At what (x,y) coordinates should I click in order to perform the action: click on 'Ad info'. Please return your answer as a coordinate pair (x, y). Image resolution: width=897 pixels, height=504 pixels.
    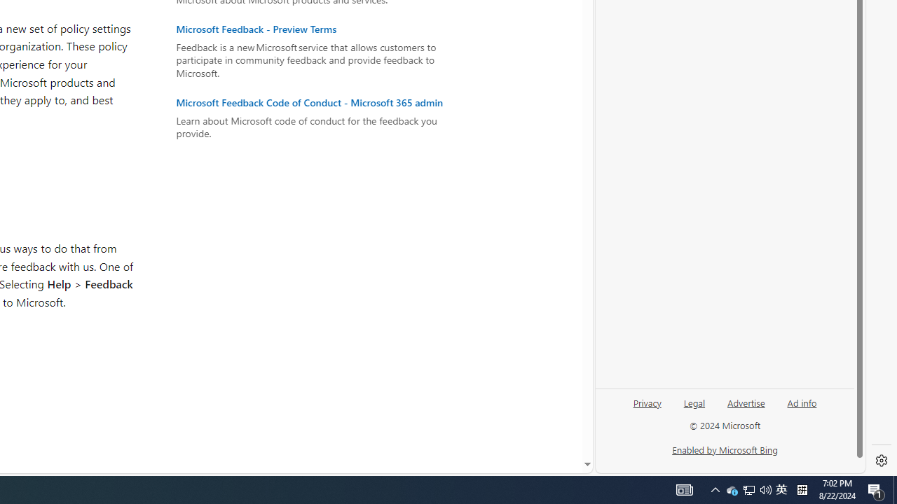
    Looking at the image, I should click on (802, 402).